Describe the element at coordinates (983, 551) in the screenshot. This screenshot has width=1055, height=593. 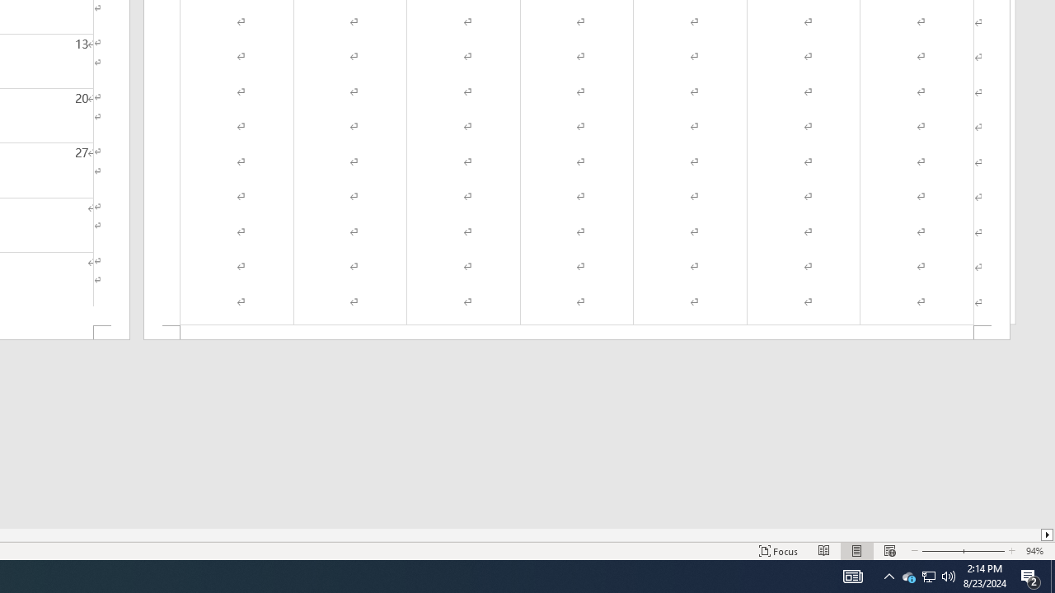
I see `'Zoom In'` at that location.